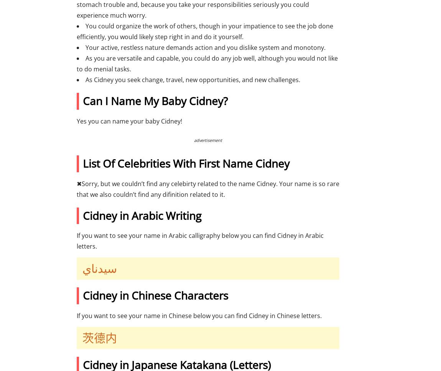  I want to click on 'If you want to see your name in Arabic calligraphy below you can find Cidney in Arabic letters.', so click(200, 241).